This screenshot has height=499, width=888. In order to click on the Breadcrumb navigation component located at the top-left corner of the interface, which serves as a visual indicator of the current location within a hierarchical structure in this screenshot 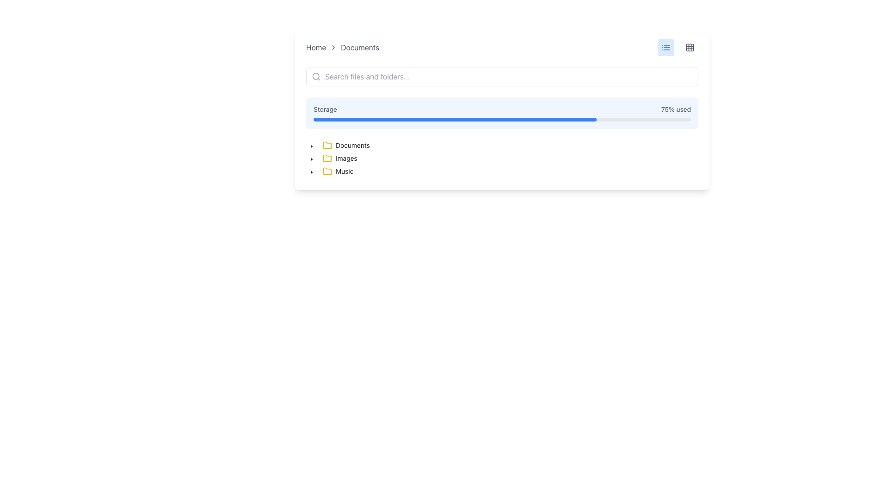, I will do `click(342, 48)`.